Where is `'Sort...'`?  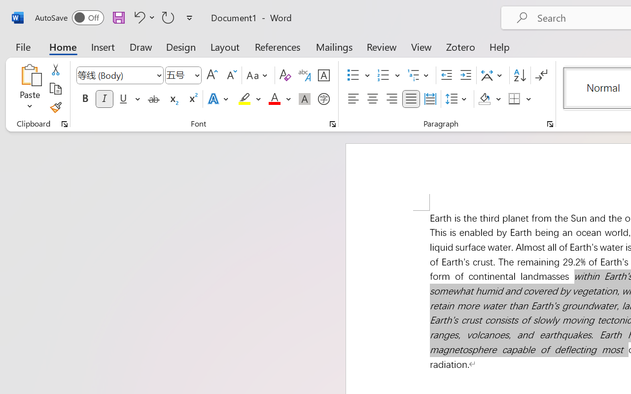
'Sort...' is located at coordinates (519, 75).